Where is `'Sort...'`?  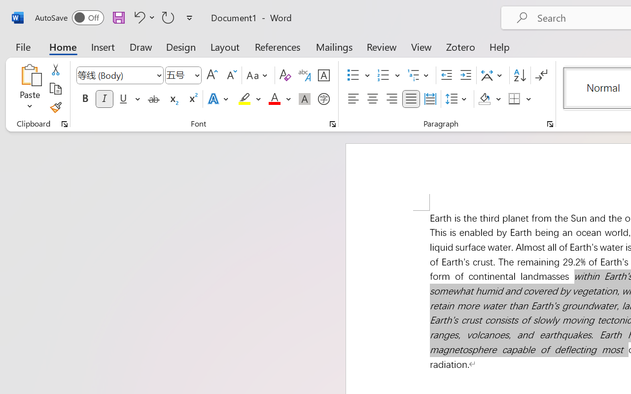
'Sort...' is located at coordinates (519, 75).